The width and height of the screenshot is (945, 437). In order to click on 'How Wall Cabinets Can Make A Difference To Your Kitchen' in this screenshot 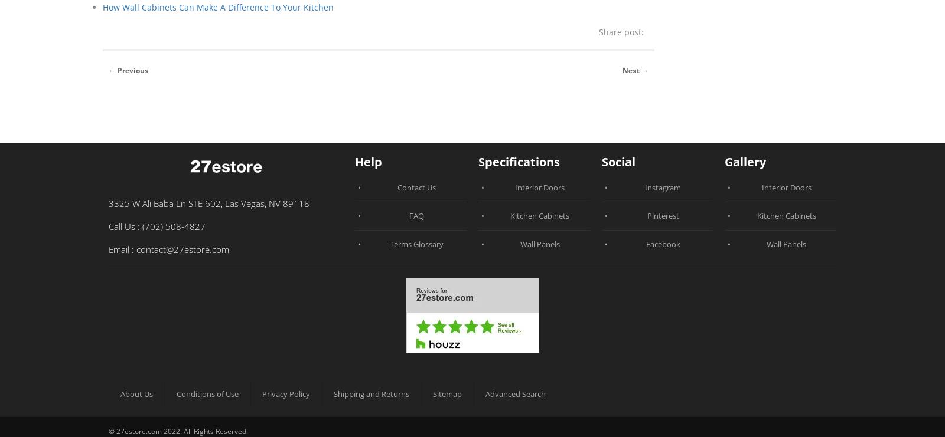, I will do `click(218, 6)`.